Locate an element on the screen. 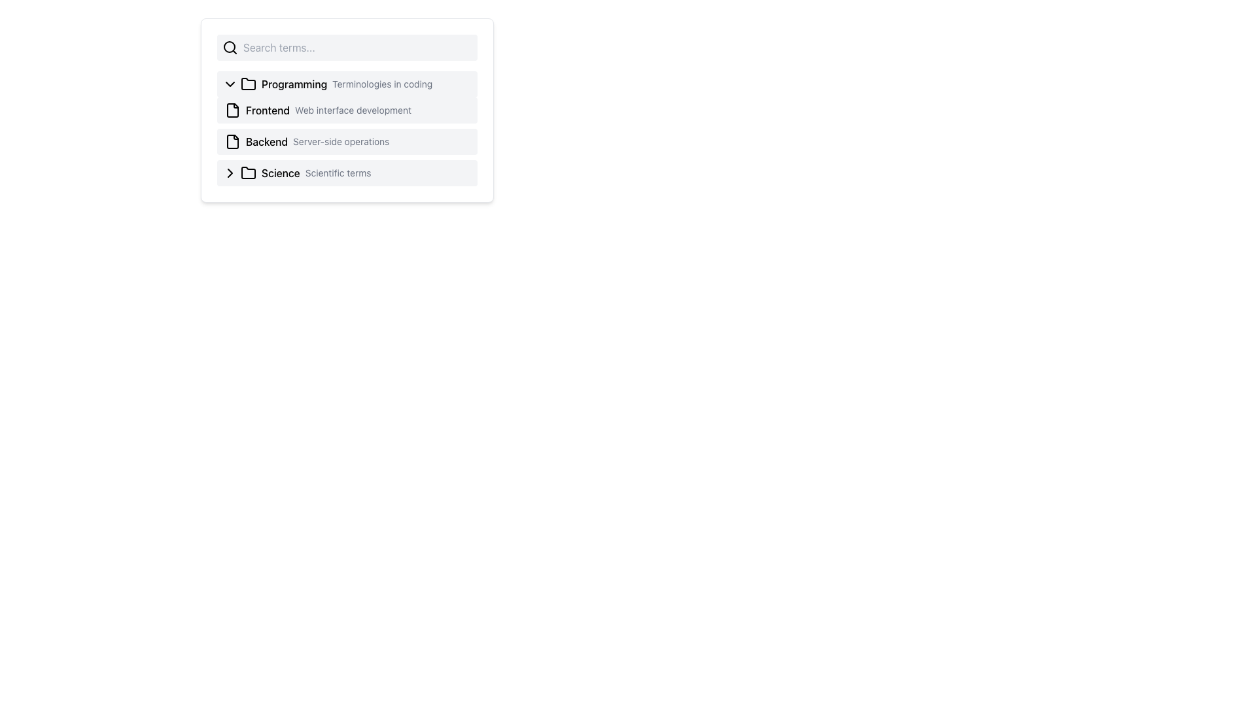  Text Label located to the right of the bold 'Frontend' text in the second entry under the 'Programming' category for details is located at coordinates (353, 110).